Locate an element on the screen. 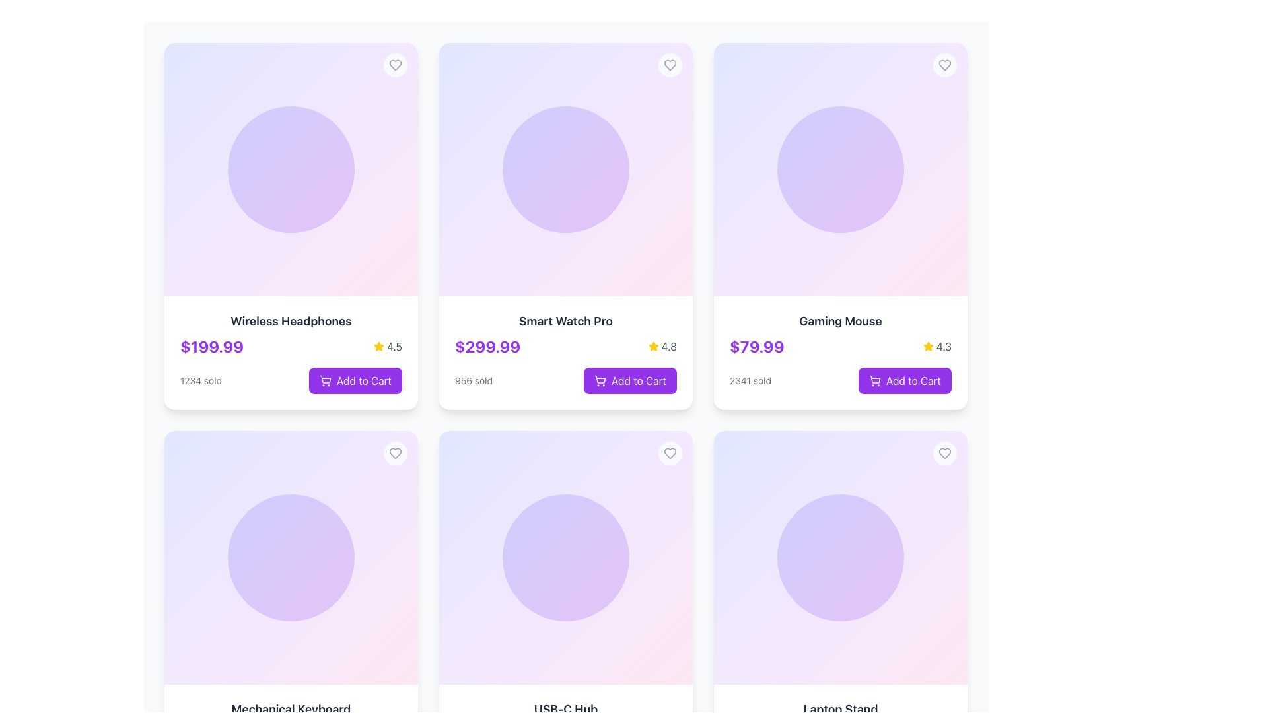 The width and height of the screenshot is (1268, 713). the rating element, which is a composite of a yellow star icon and the text '4.3', located in the top-right corner of the 'Gaming Mouse' card, to the right of the price '$79.99' is located at coordinates (936, 345).